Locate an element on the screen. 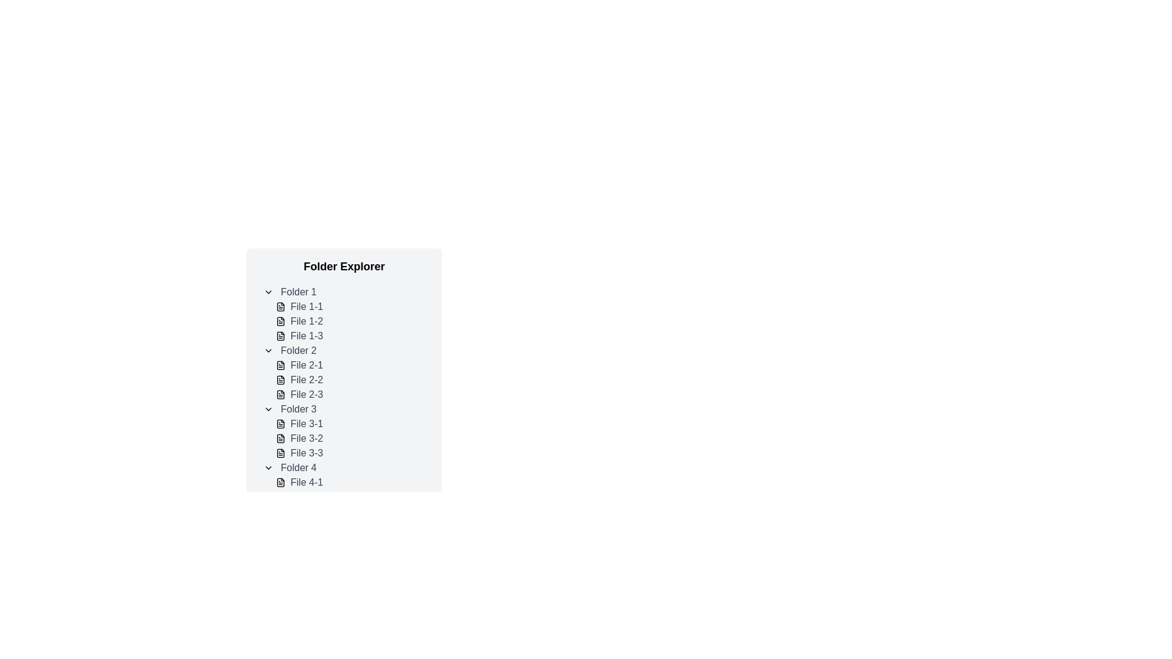 This screenshot has height=659, width=1172. the collapsible folder title labeled 'Folder 1' is located at coordinates (345, 292).